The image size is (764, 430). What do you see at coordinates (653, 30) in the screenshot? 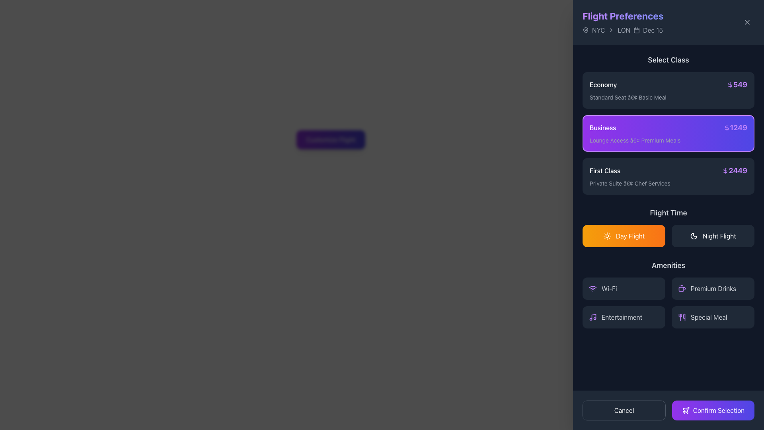
I see `the static text label that conveys the selected date, positioned towards the right in the header section, adjacent to a calendar icon` at bounding box center [653, 30].